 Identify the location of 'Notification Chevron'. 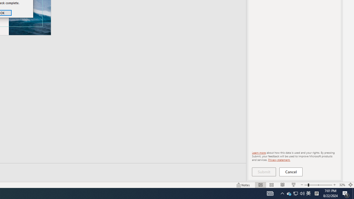
(282, 193).